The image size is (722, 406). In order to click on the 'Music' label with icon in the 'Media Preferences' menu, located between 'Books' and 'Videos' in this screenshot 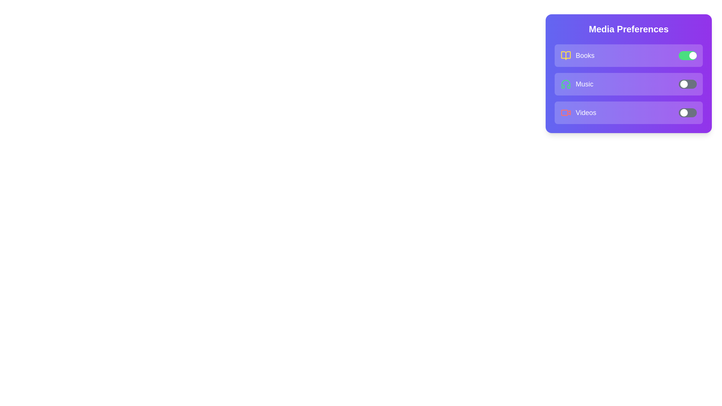, I will do `click(576, 84)`.